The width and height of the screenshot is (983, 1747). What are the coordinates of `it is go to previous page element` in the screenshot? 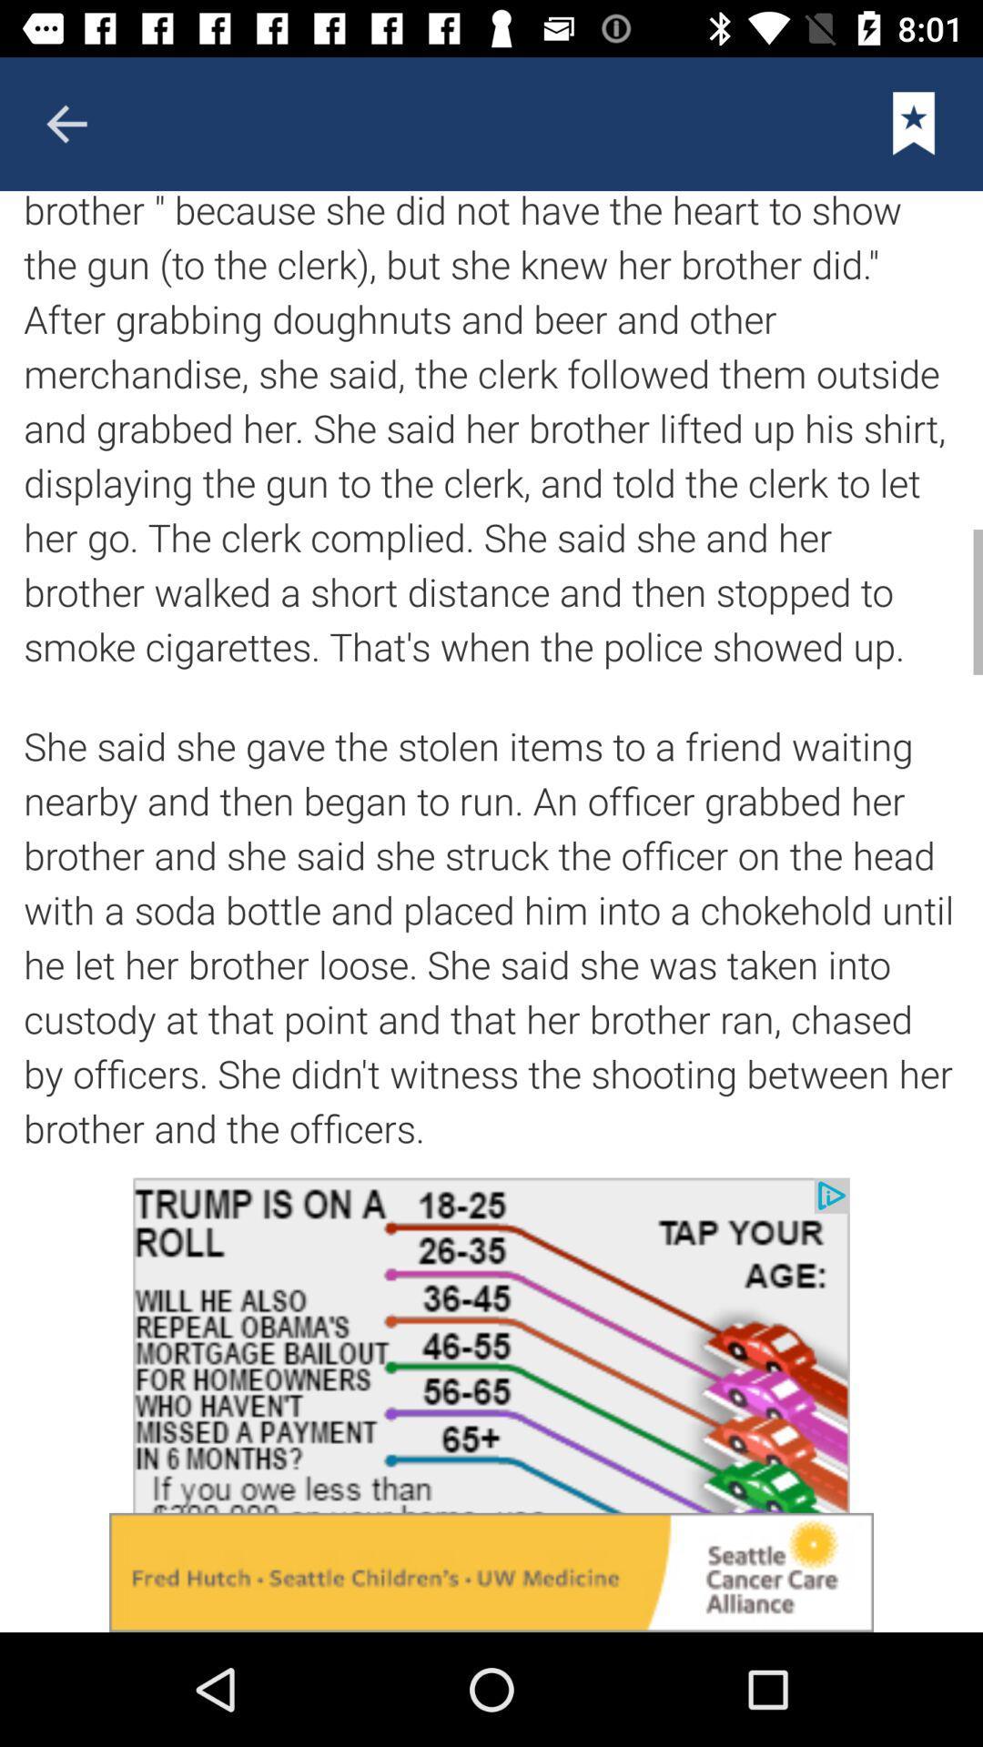 It's located at (66, 123).